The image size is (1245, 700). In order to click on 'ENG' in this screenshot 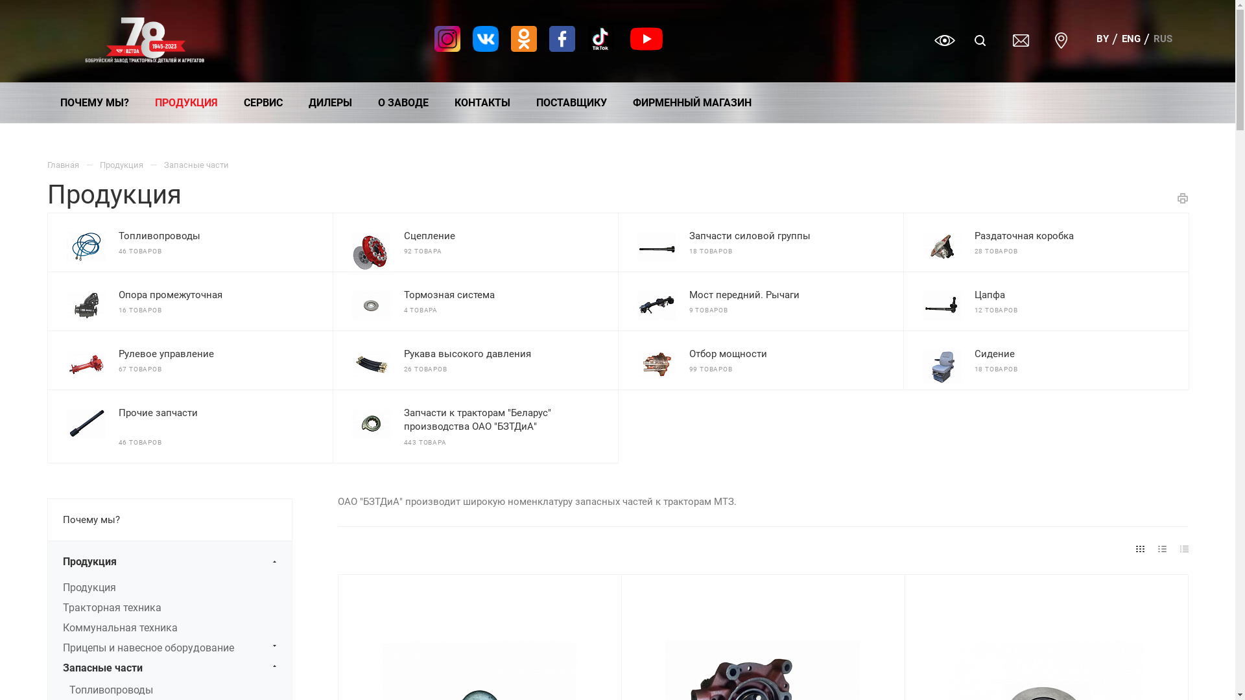, I will do `click(1130, 38)`.